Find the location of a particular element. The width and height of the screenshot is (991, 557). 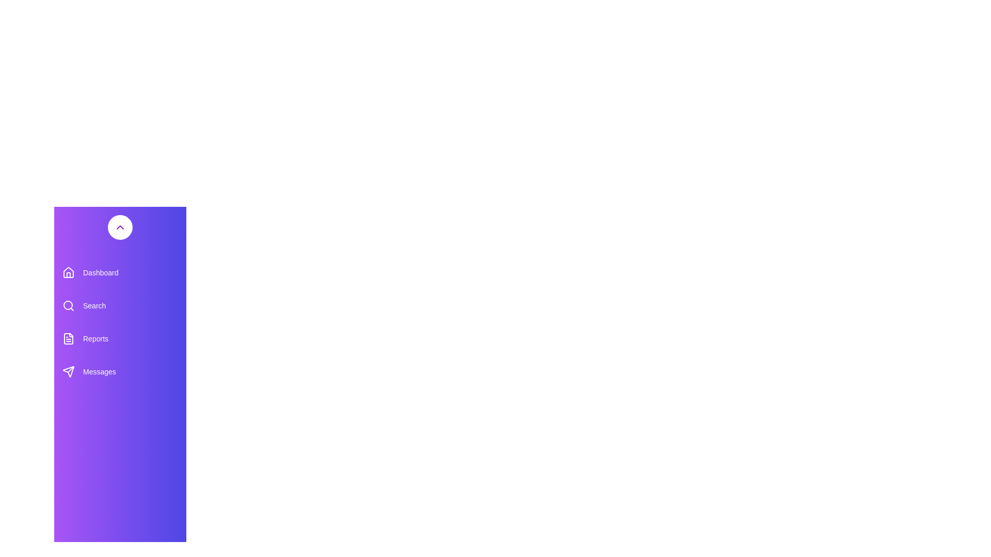

the circular lens of the magnifying glass icon representing the search feature in the left-side navigation panel is located at coordinates (68, 304).